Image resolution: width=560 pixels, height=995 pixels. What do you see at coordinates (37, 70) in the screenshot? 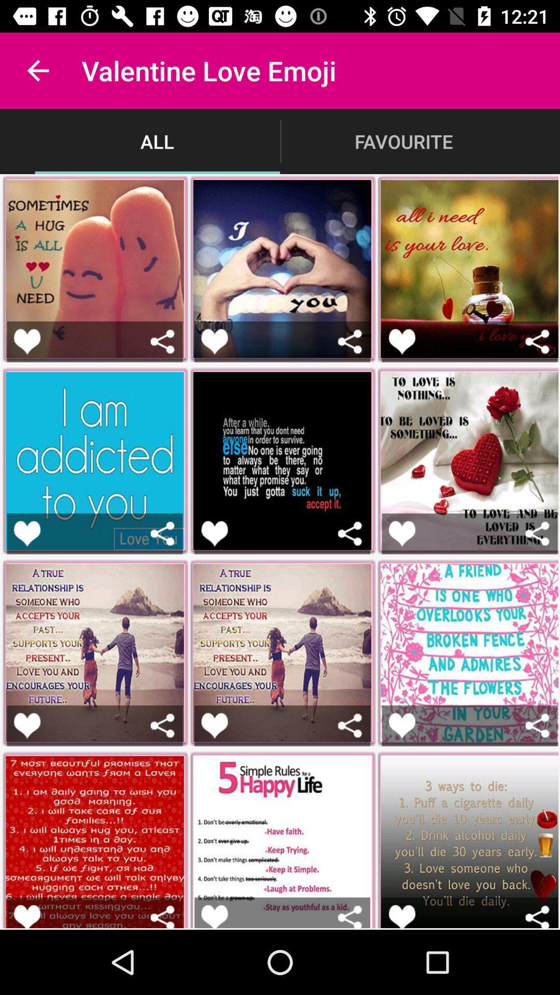
I see `the icon to the left of the valentine love emoji` at bounding box center [37, 70].